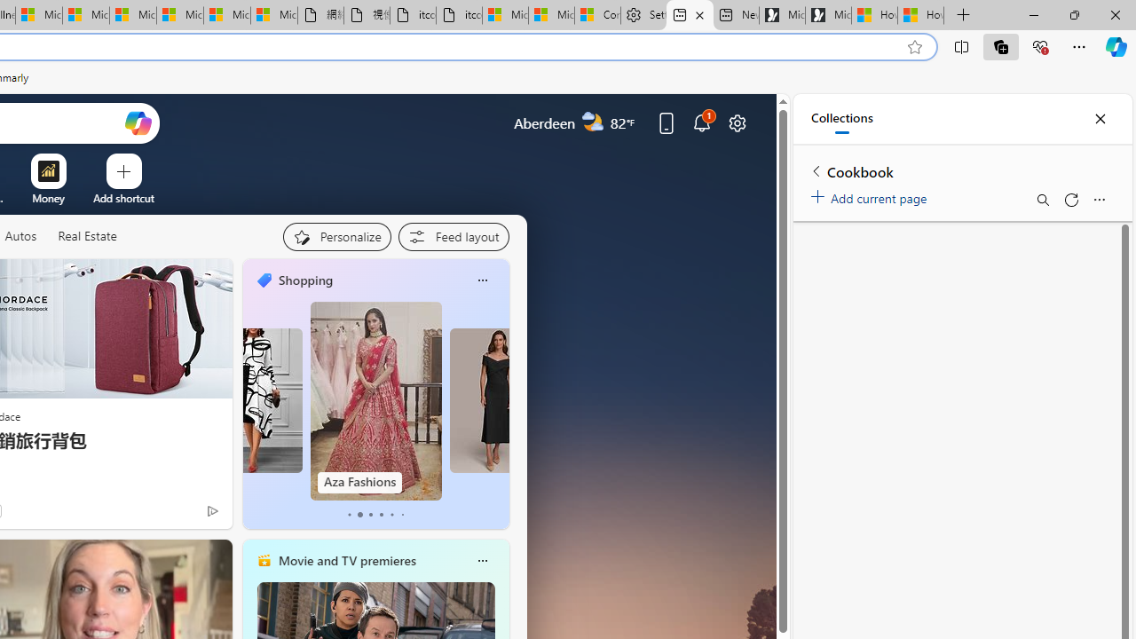 Image resolution: width=1136 pixels, height=639 pixels. I want to click on 'Feed settings', so click(453, 236).